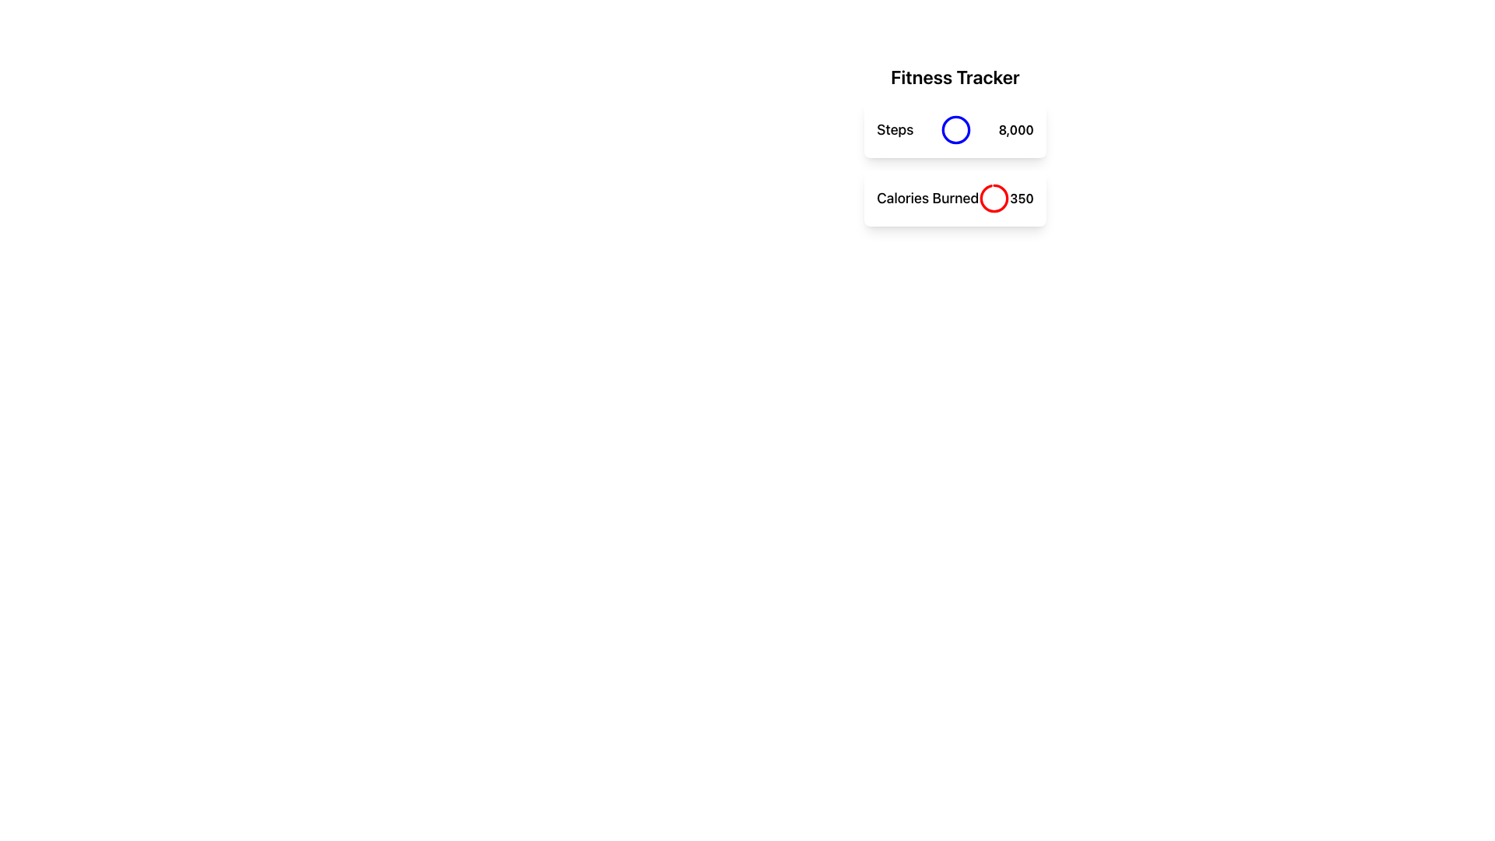 The height and width of the screenshot is (841, 1495). Describe the element at coordinates (955, 128) in the screenshot. I see `SVG Circle element that serves as a visual indicator for the 'Steps' section in the Fitness Tracker interface` at that location.